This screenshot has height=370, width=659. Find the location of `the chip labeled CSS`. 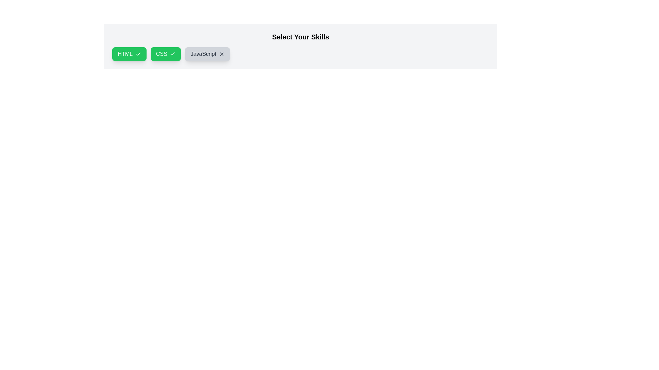

the chip labeled CSS is located at coordinates (166, 54).